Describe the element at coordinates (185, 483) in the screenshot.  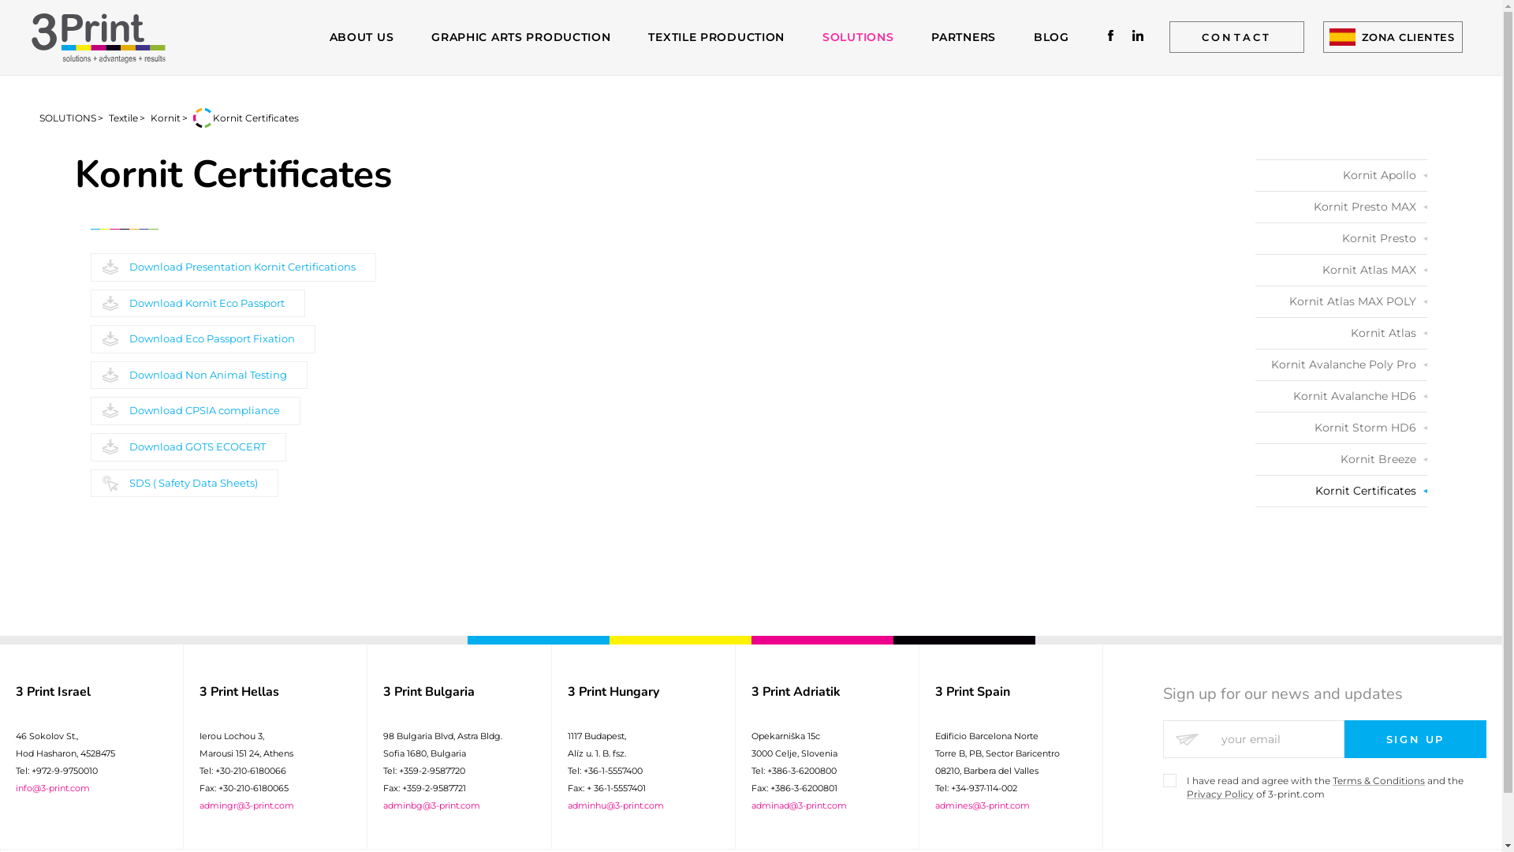
I see `'SDS ( Safety Data Sheets)'` at that location.